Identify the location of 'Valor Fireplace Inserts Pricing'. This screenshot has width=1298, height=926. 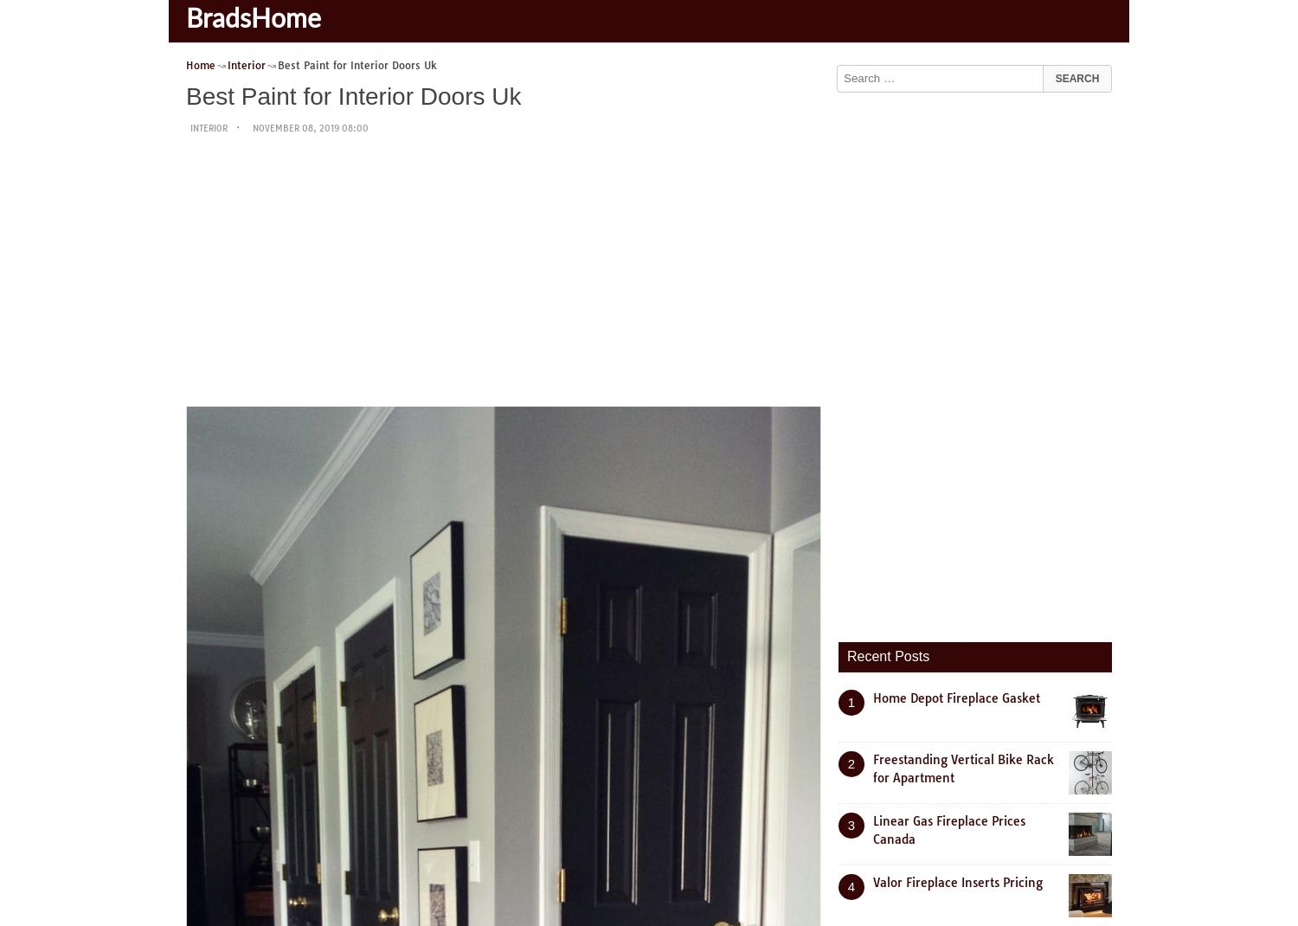
(957, 881).